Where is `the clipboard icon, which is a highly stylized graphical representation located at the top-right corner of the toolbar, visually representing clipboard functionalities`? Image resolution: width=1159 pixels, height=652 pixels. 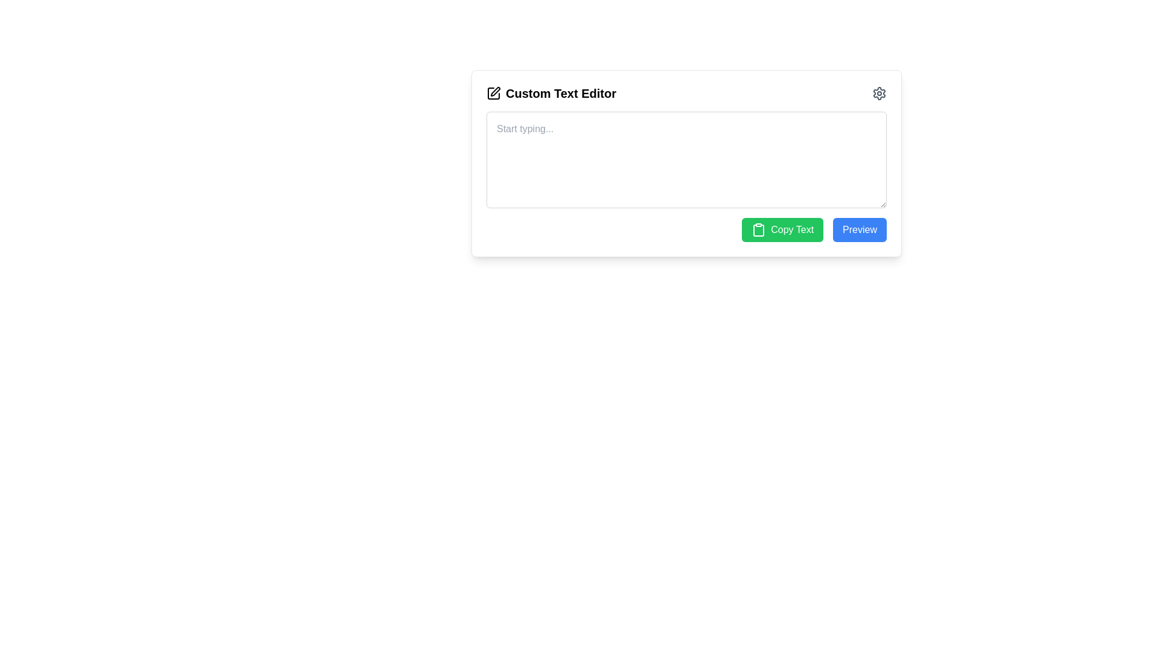 the clipboard icon, which is a highly stylized graphical representation located at the top-right corner of the toolbar, visually representing clipboard functionalities is located at coordinates (758, 230).